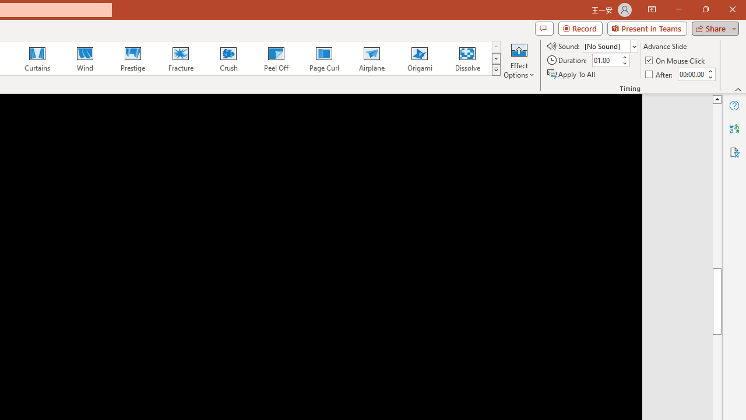 The image size is (746, 420). I want to click on 'Page Curl', so click(323, 58).